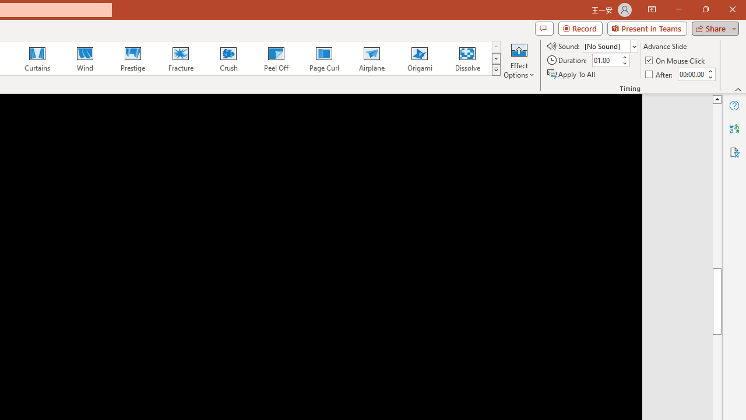 The image size is (746, 420). I want to click on 'Page Curl', so click(323, 58).